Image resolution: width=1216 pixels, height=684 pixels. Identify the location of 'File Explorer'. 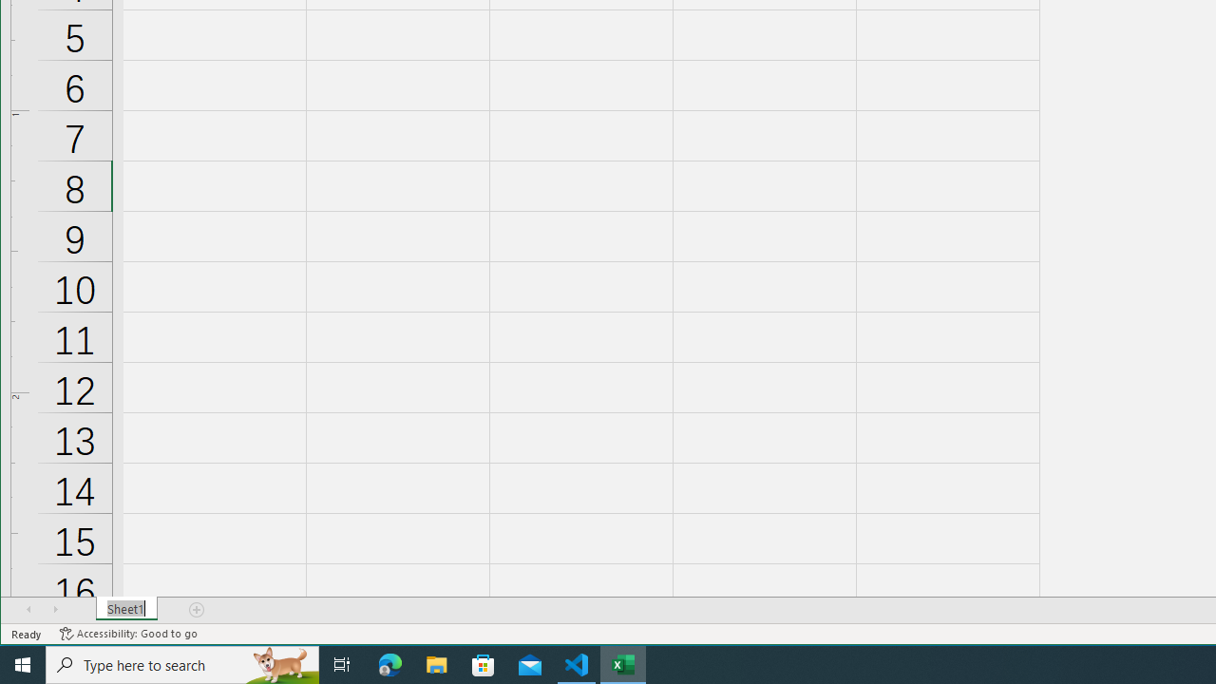
(436, 663).